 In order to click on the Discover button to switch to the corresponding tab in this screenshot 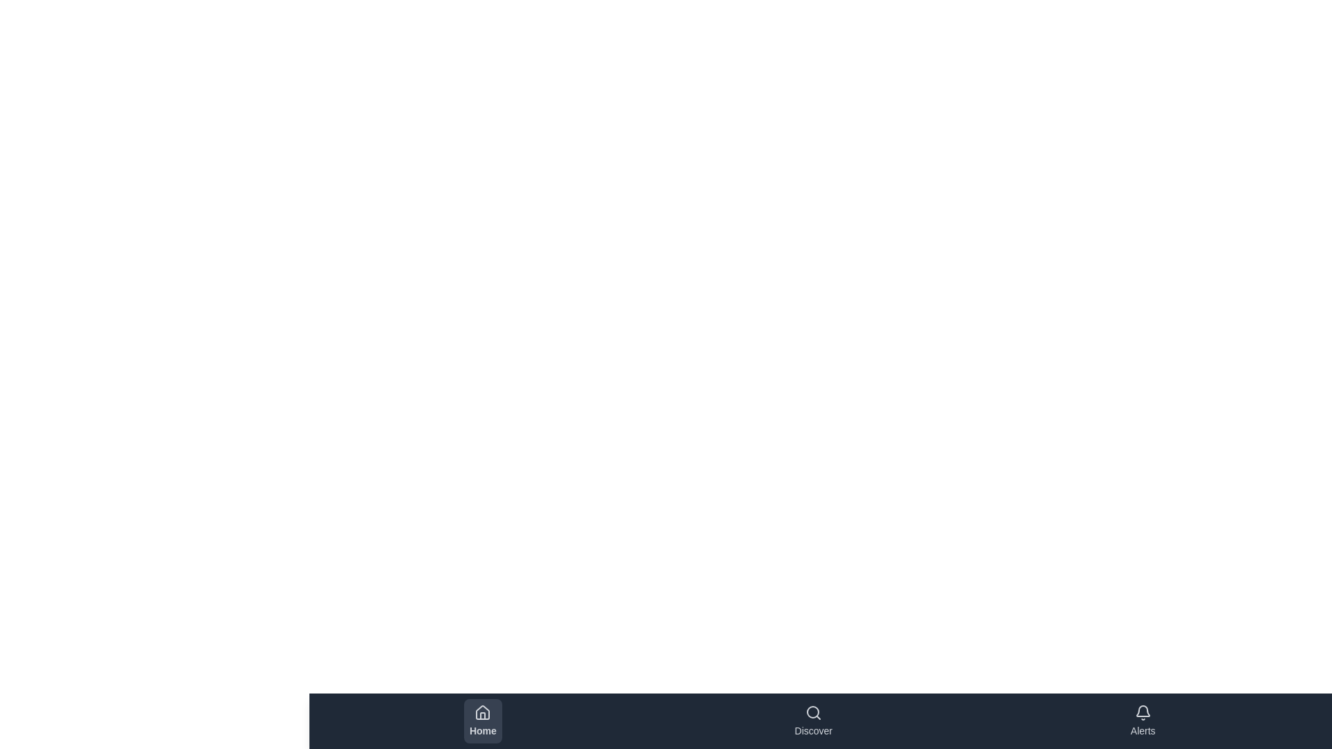, I will do `click(813, 721)`.